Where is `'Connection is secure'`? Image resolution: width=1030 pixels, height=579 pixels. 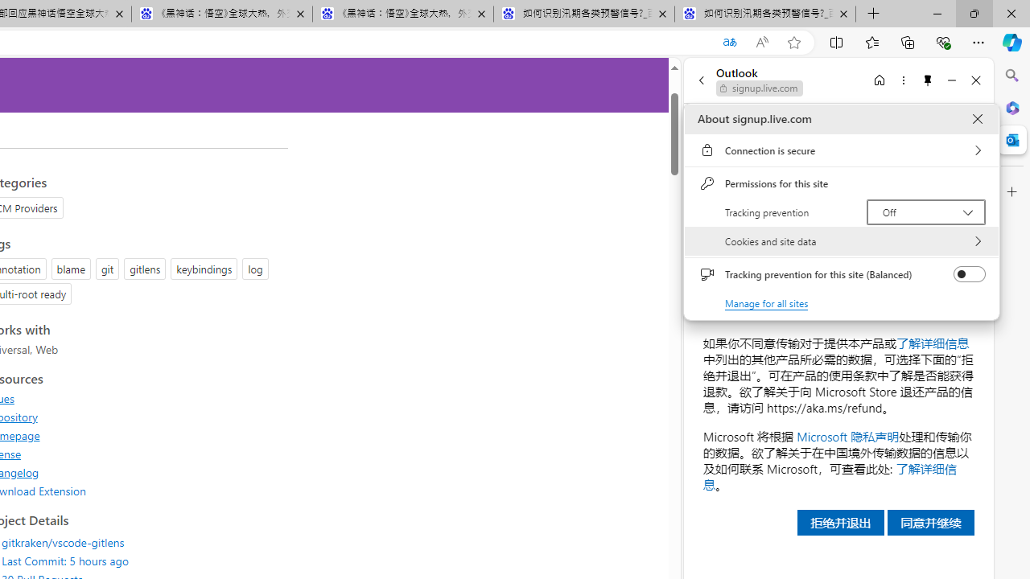
'Connection is secure' is located at coordinates (841, 150).